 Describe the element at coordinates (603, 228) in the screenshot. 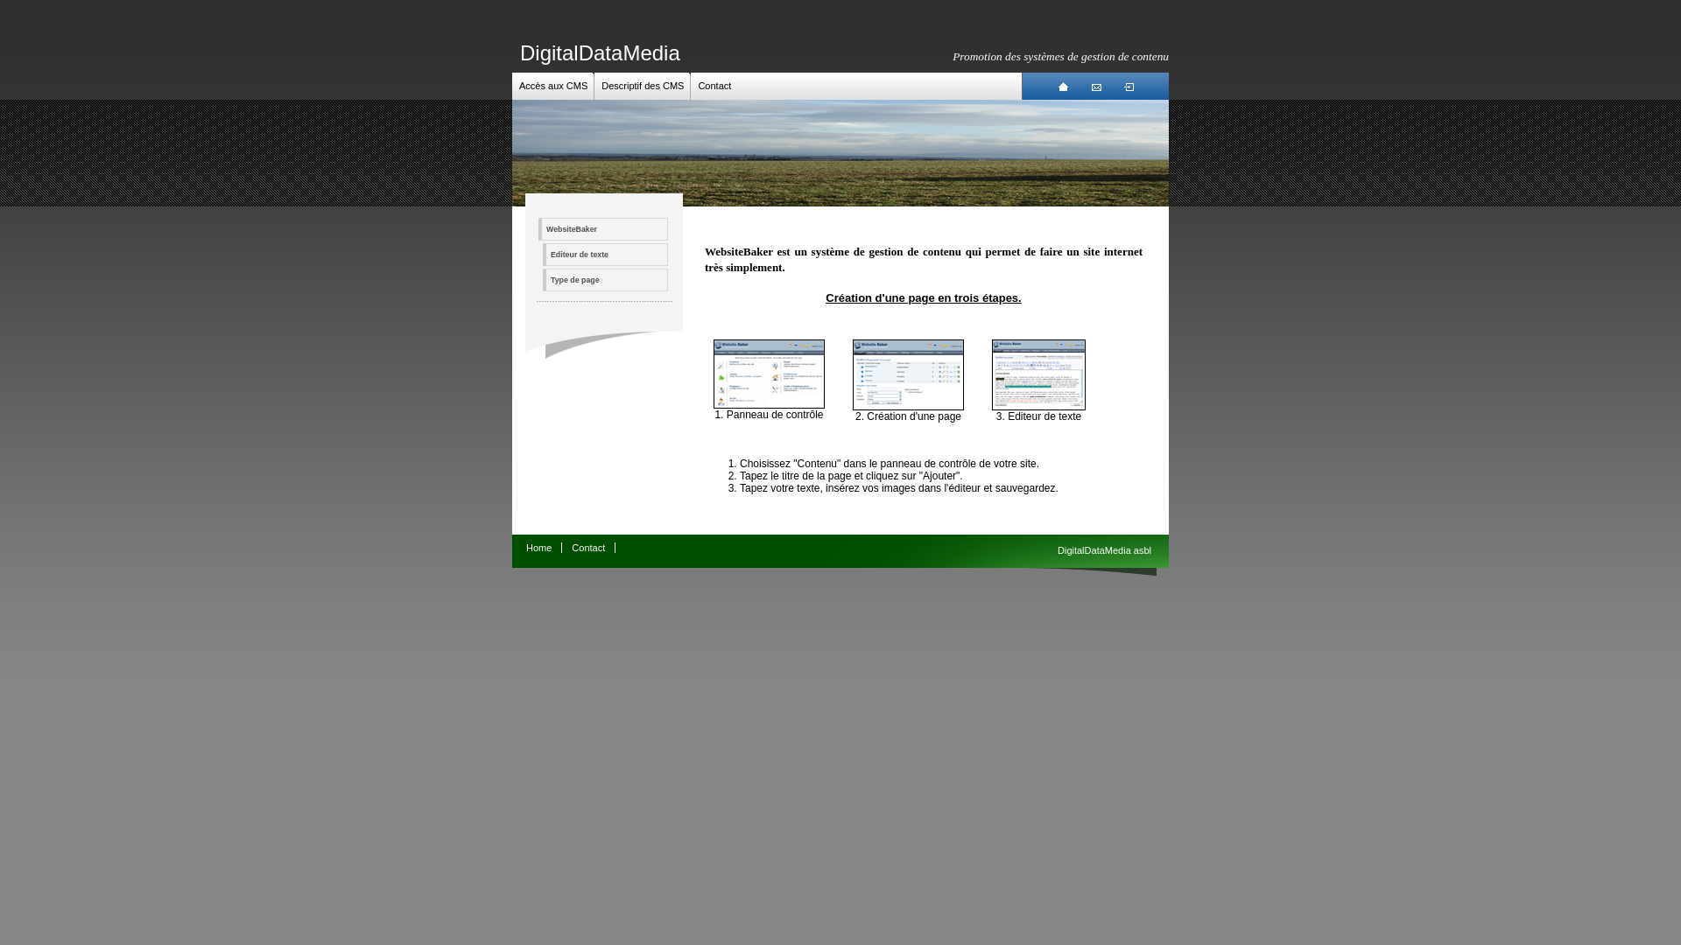

I see `'WebsiteBaker'` at that location.